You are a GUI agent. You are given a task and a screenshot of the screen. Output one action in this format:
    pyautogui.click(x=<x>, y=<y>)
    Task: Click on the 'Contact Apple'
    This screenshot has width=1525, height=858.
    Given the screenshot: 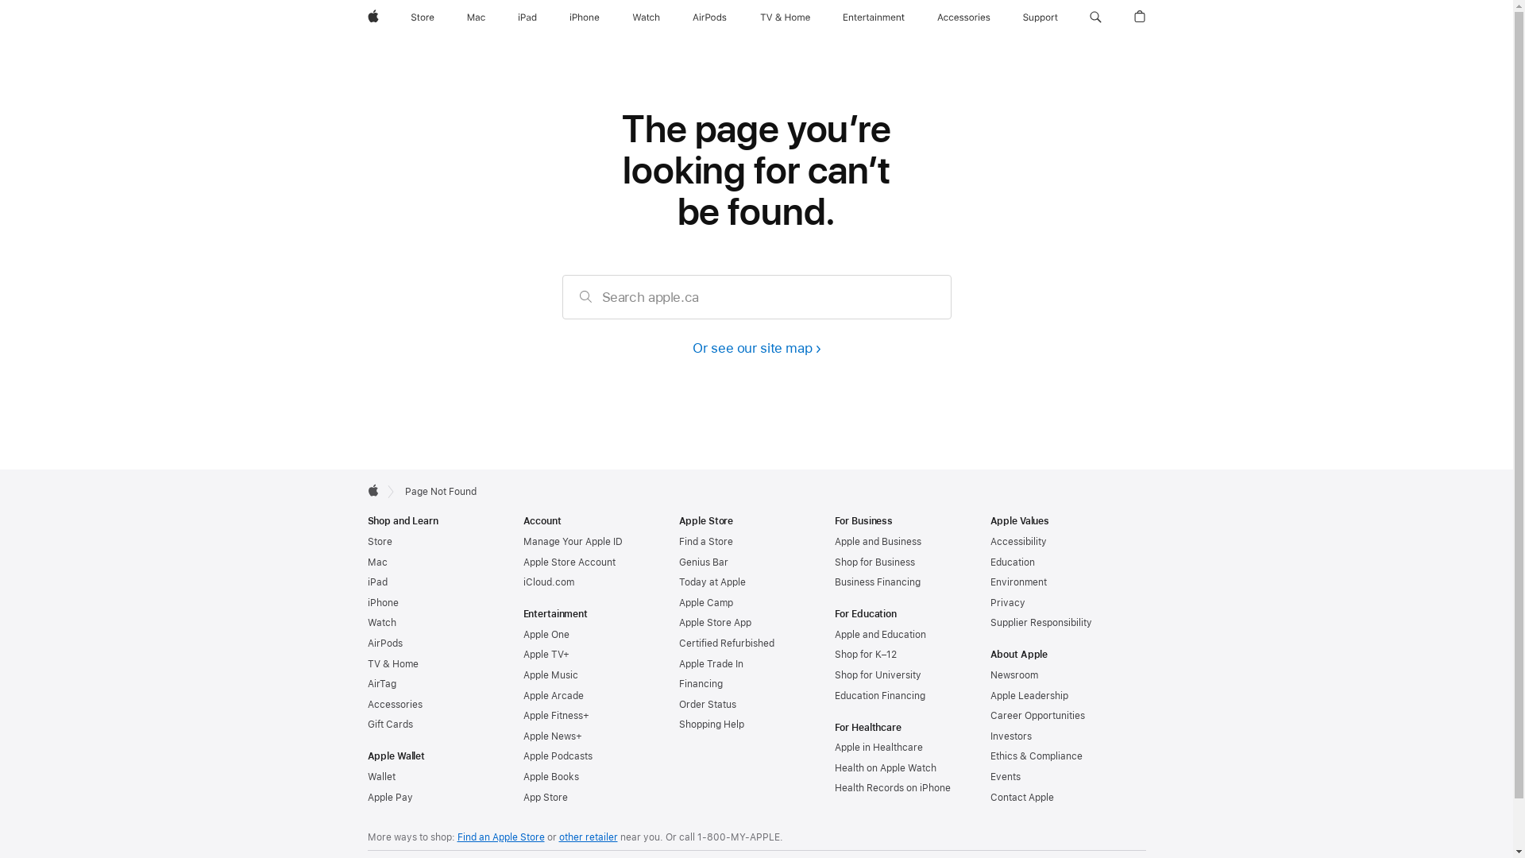 What is the action you would take?
    pyautogui.click(x=1021, y=797)
    